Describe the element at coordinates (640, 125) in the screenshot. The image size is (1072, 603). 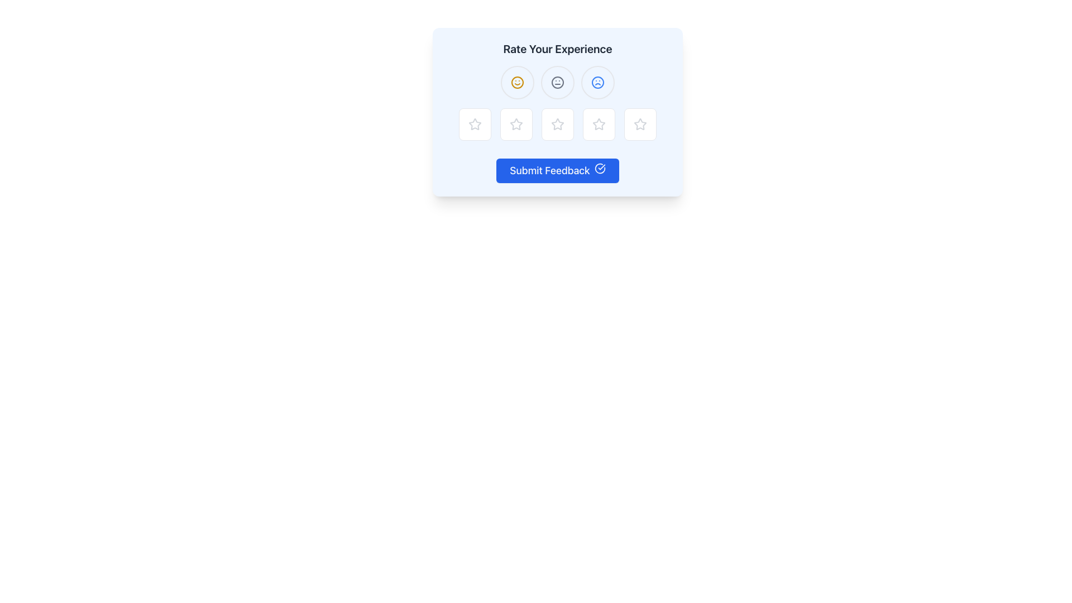
I see `the fifth star icon in the Star Rating Component` at that location.